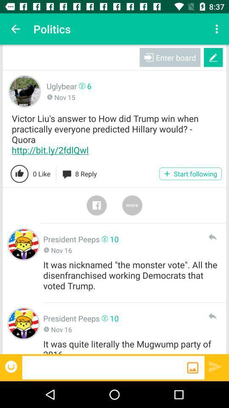 The image size is (229, 408). I want to click on the send option, so click(215, 366).